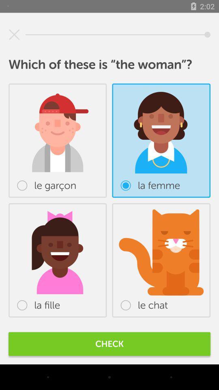 The width and height of the screenshot is (219, 390). Describe the element at coordinates (109, 343) in the screenshot. I see `the check item` at that location.